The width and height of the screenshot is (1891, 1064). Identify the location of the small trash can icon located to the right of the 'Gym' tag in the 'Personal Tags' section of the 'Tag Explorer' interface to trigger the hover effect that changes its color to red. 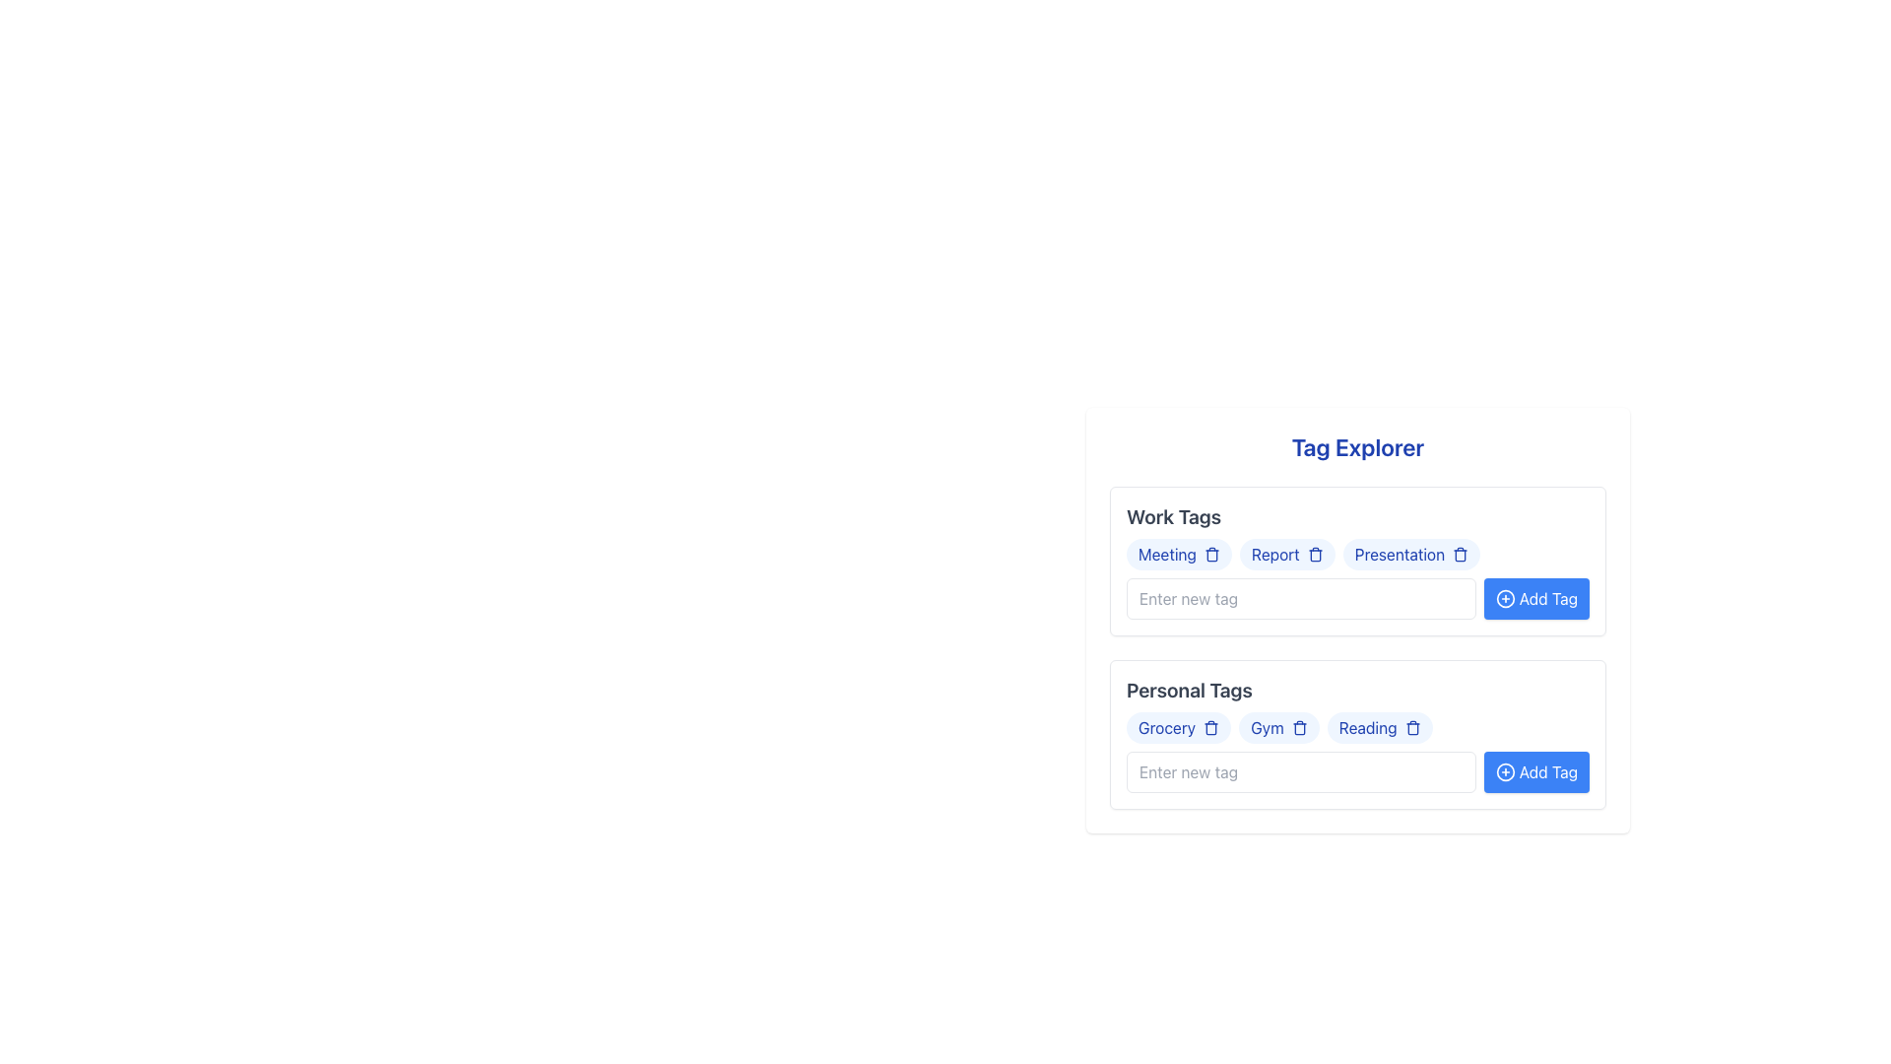
(1299, 728).